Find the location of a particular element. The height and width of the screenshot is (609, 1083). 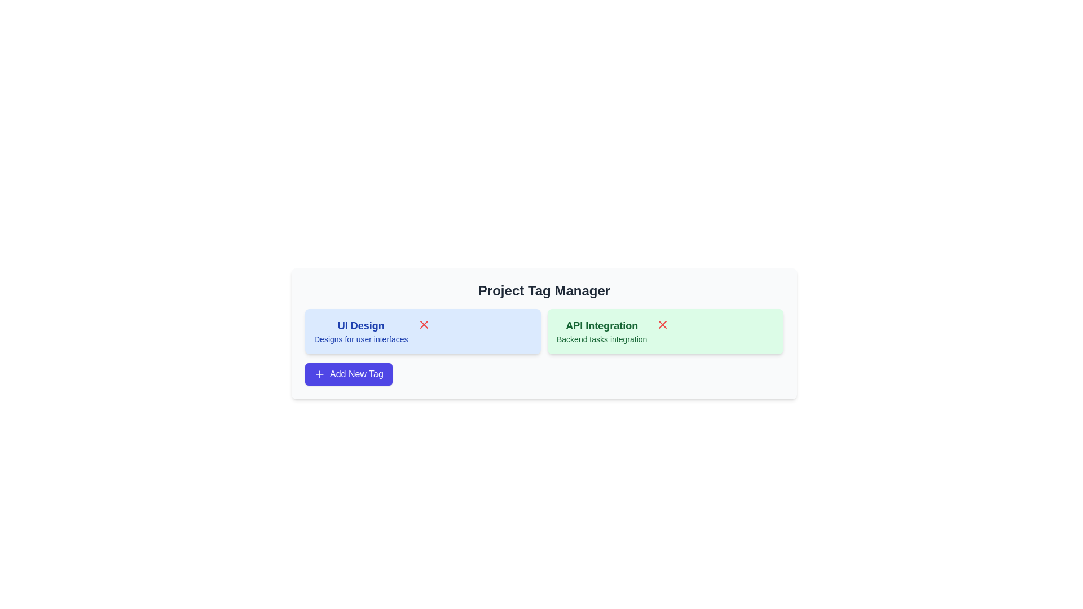

the 'Add New Tag' button with a vibrant indigo background and white text, located below the 'UI Design' and 'API Integration' sections within the 'Project Tag Manager' is located at coordinates (348, 374).